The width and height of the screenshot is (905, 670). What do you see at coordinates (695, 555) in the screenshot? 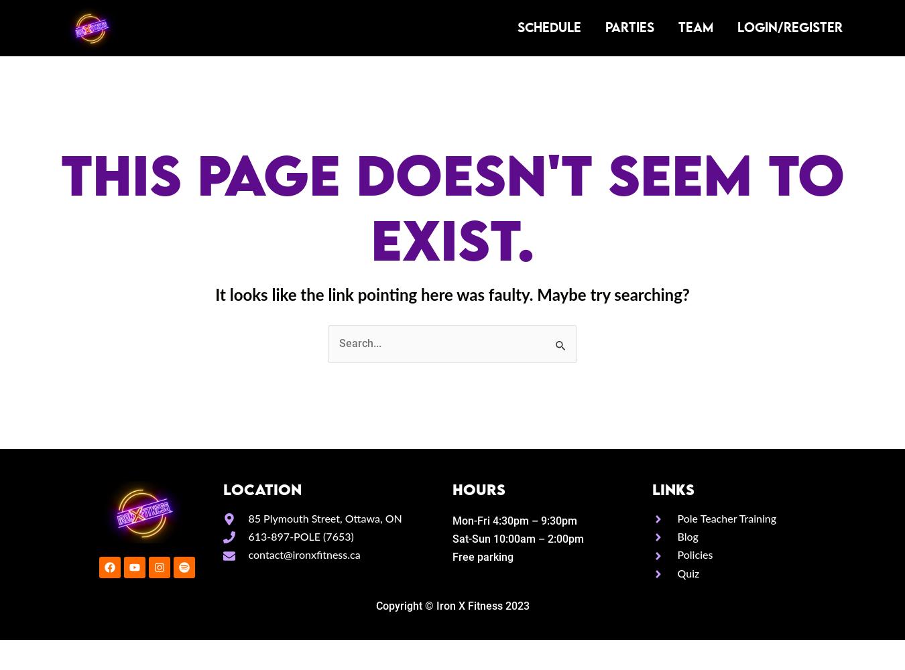
I see `'Policies'` at bounding box center [695, 555].